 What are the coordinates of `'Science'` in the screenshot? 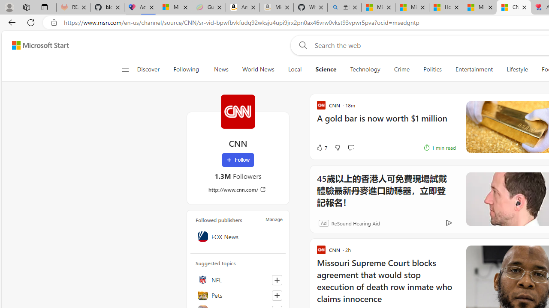 It's located at (326, 69).